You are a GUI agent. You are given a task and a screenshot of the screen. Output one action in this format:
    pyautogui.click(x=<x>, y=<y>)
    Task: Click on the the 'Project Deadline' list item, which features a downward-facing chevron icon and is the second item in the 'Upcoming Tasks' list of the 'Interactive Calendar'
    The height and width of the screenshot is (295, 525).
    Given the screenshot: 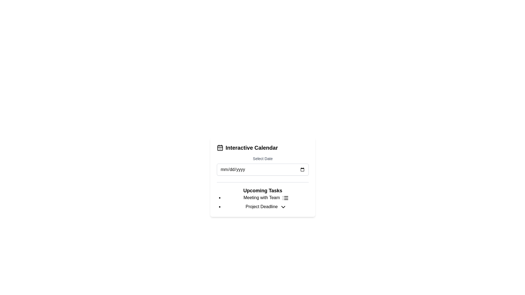 What is the action you would take?
    pyautogui.click(x=266, y=206)
    